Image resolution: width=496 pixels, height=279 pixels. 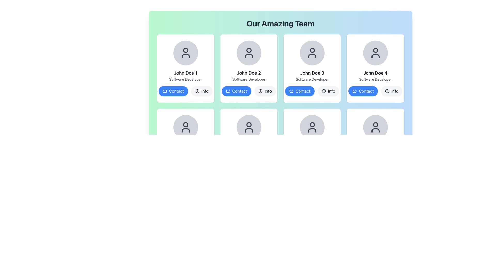 What do you see at coordinates (312, 56) in the screenshot?
I see `lower part of the SVG icon representing the user avatar for 'John Doe 3' in the card layout` at bounding box center [312, 56].